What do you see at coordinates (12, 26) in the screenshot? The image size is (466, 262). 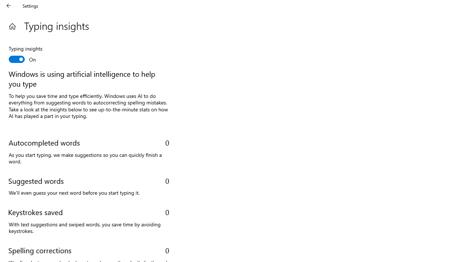 I see `'Home'` at bounding box center [12, 26].